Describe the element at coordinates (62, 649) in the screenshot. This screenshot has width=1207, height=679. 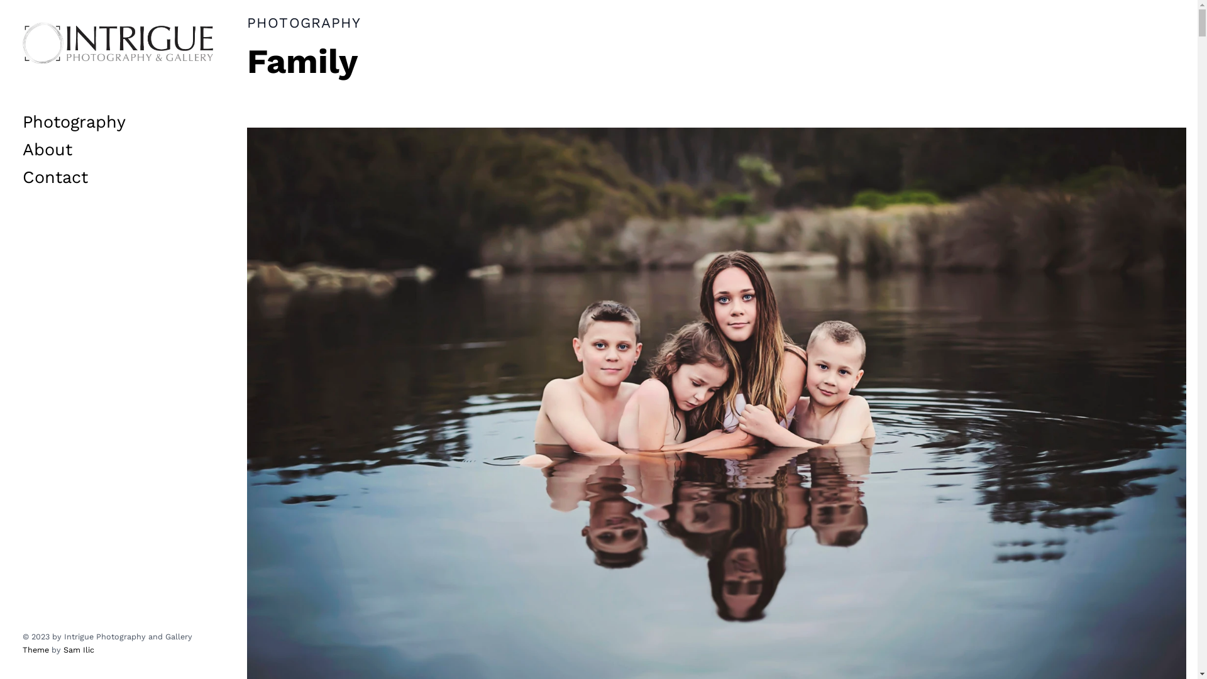
I see `'Sam Ilic'` at that location.